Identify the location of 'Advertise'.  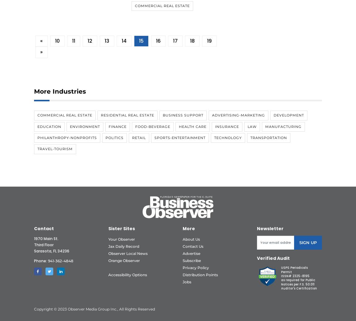
(191, 253).